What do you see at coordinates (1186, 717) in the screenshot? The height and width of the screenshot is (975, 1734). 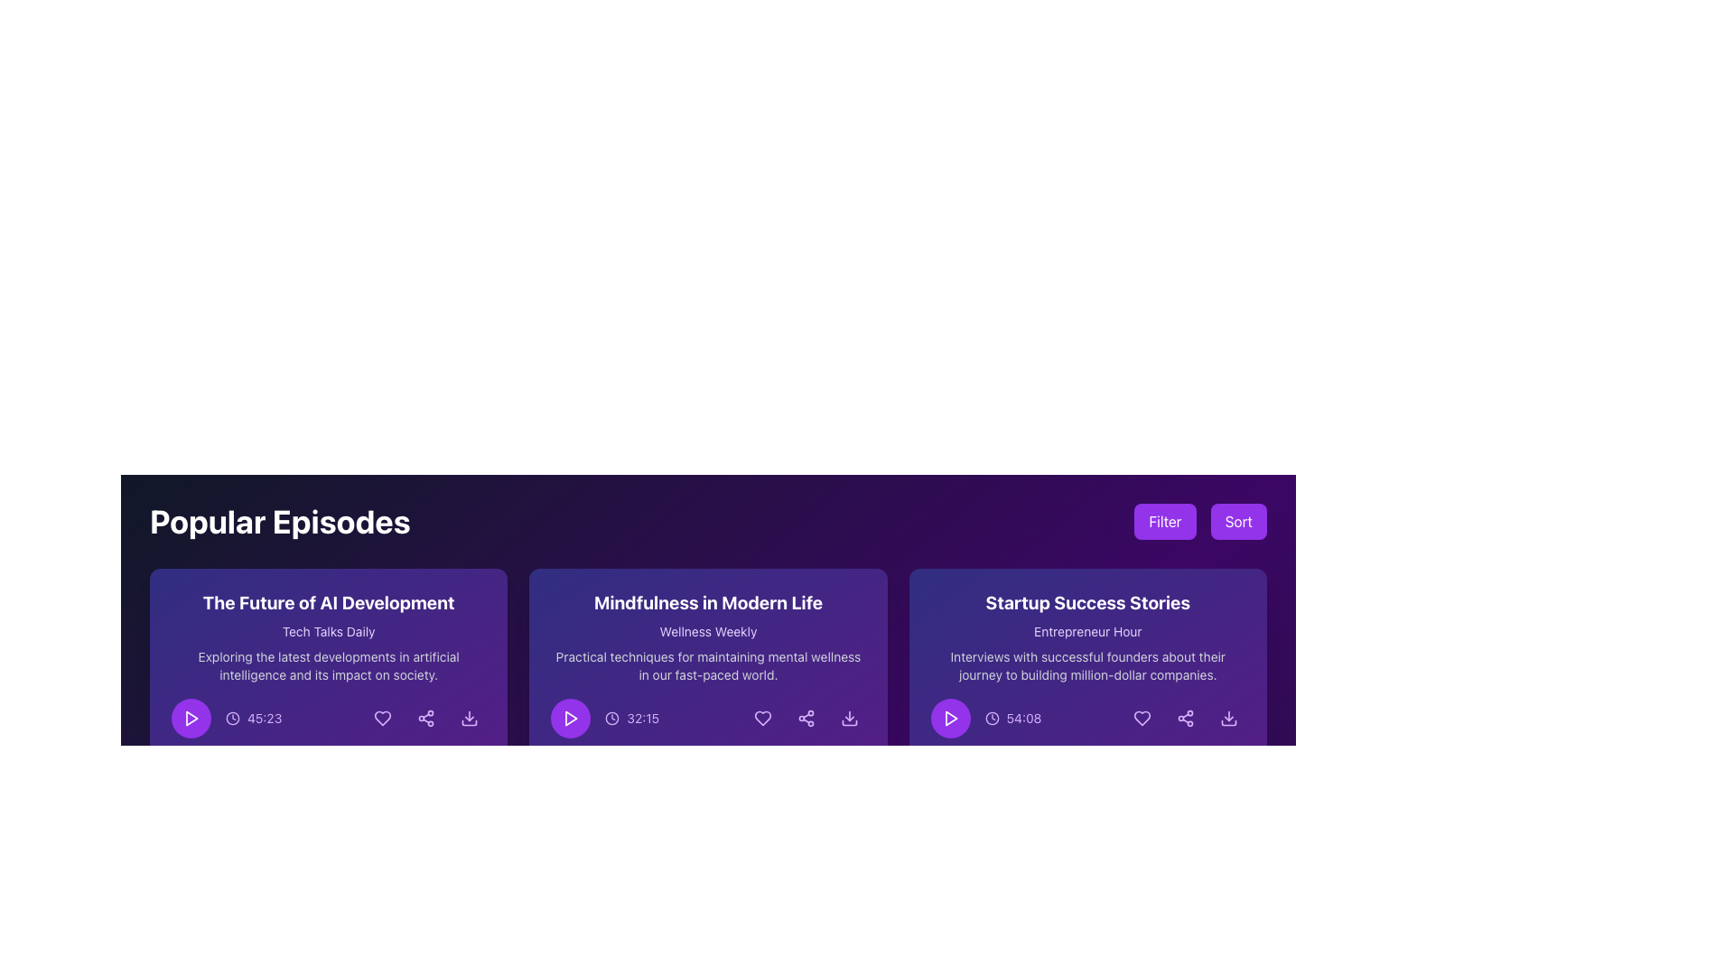 I see `the circular share connectivity pattern icon with a purple color theme located in the bottom right section of the 'Startup Success Stories' card` at bounding box center [1186, 717].